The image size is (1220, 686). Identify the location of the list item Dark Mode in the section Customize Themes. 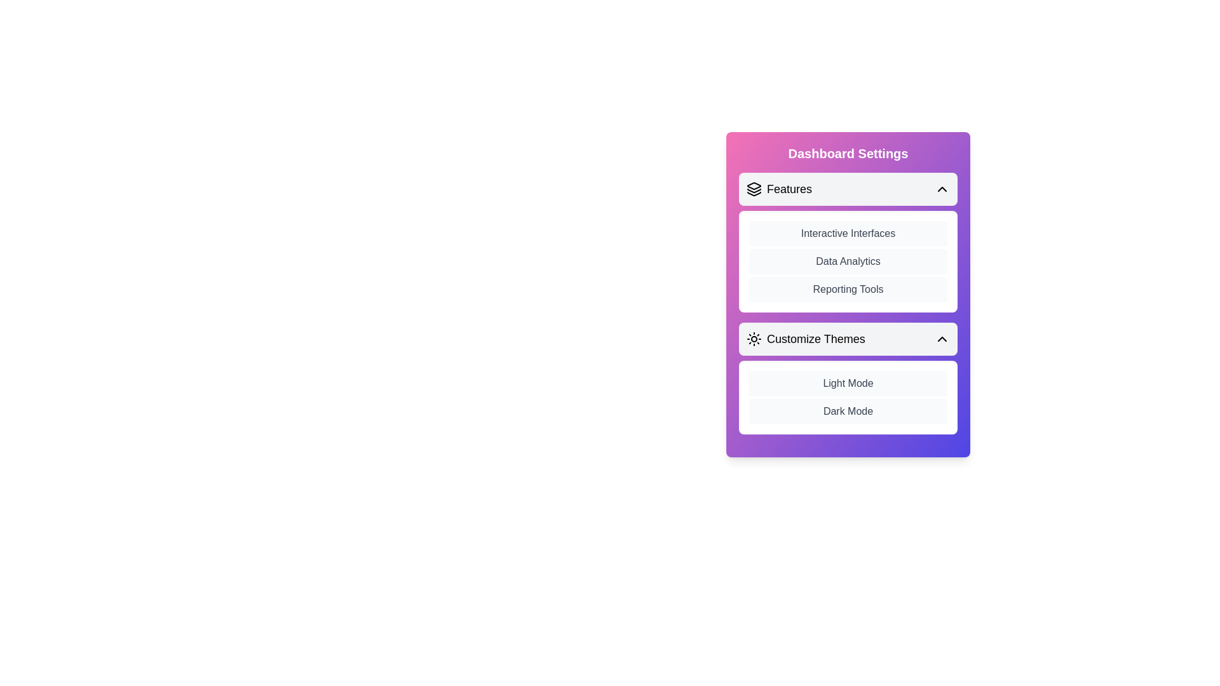
(848, 412).